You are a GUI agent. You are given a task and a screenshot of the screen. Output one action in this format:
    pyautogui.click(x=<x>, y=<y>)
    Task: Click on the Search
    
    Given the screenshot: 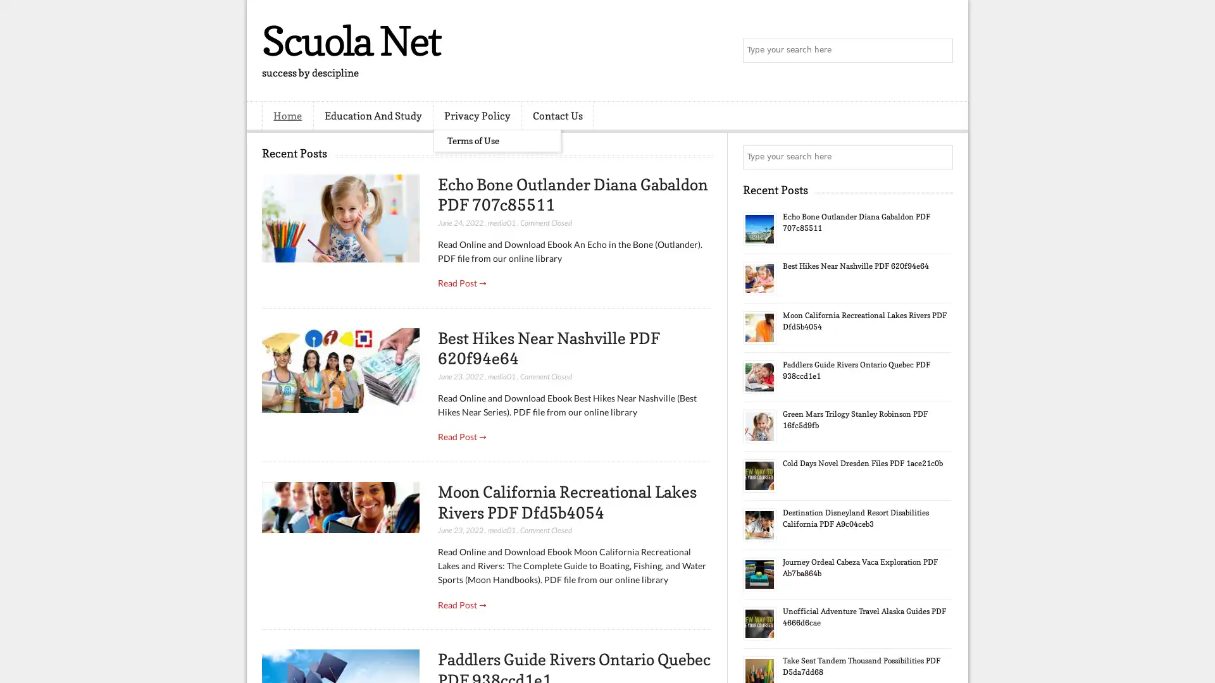 What is the action you would take?
    pyautogui.click(x=940, y=51)
    